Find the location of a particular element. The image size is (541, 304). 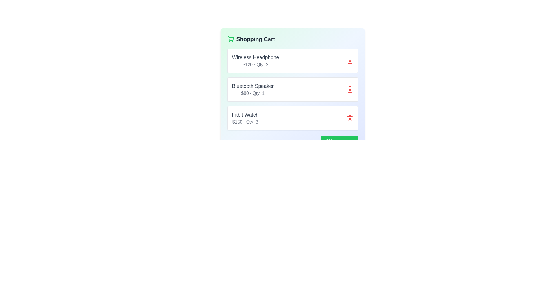

delete button next to the item Fitbit Watch to remove it from the cart is located at coordinates (349, 118).